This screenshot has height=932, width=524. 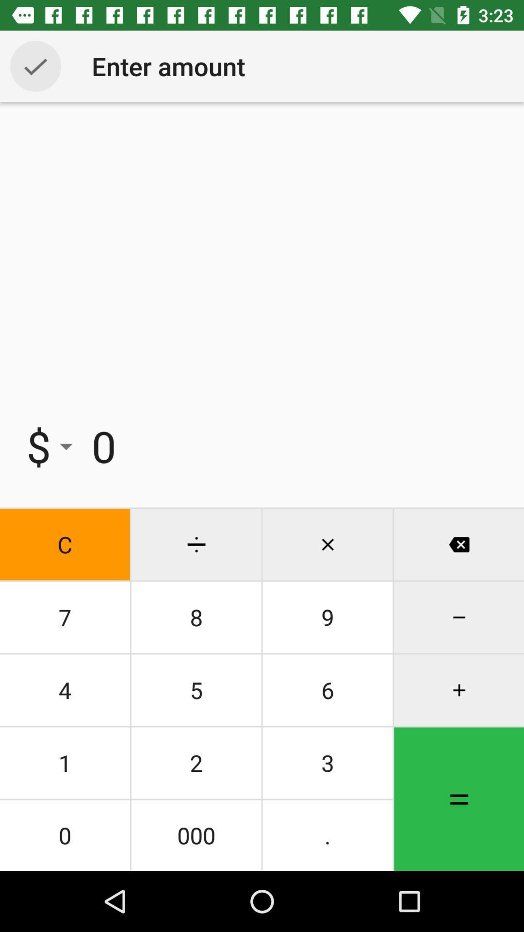 I want to click on the icon below the 7 item, so click(x=65, y=689).